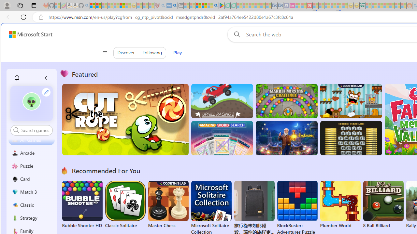  Describe the element at coordinates (222, 101) in the screenshot. I see `'Up Hill Racing 2'` at that location.